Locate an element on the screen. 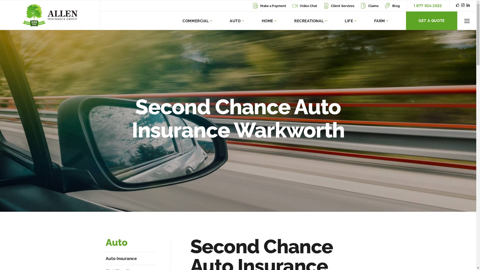 This screenshot has height=270, width=480. 'COMMERCIAL' is located at coordinates (197, 20).